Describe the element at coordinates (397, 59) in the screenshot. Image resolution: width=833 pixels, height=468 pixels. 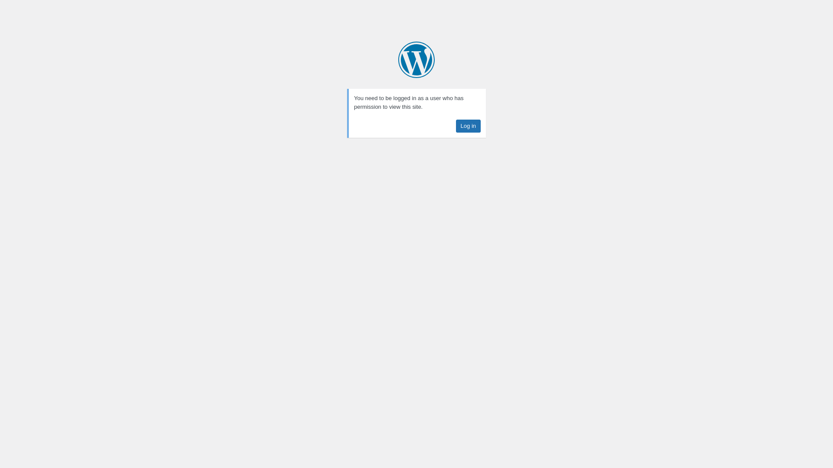
I see `'Private Site'` at that location.